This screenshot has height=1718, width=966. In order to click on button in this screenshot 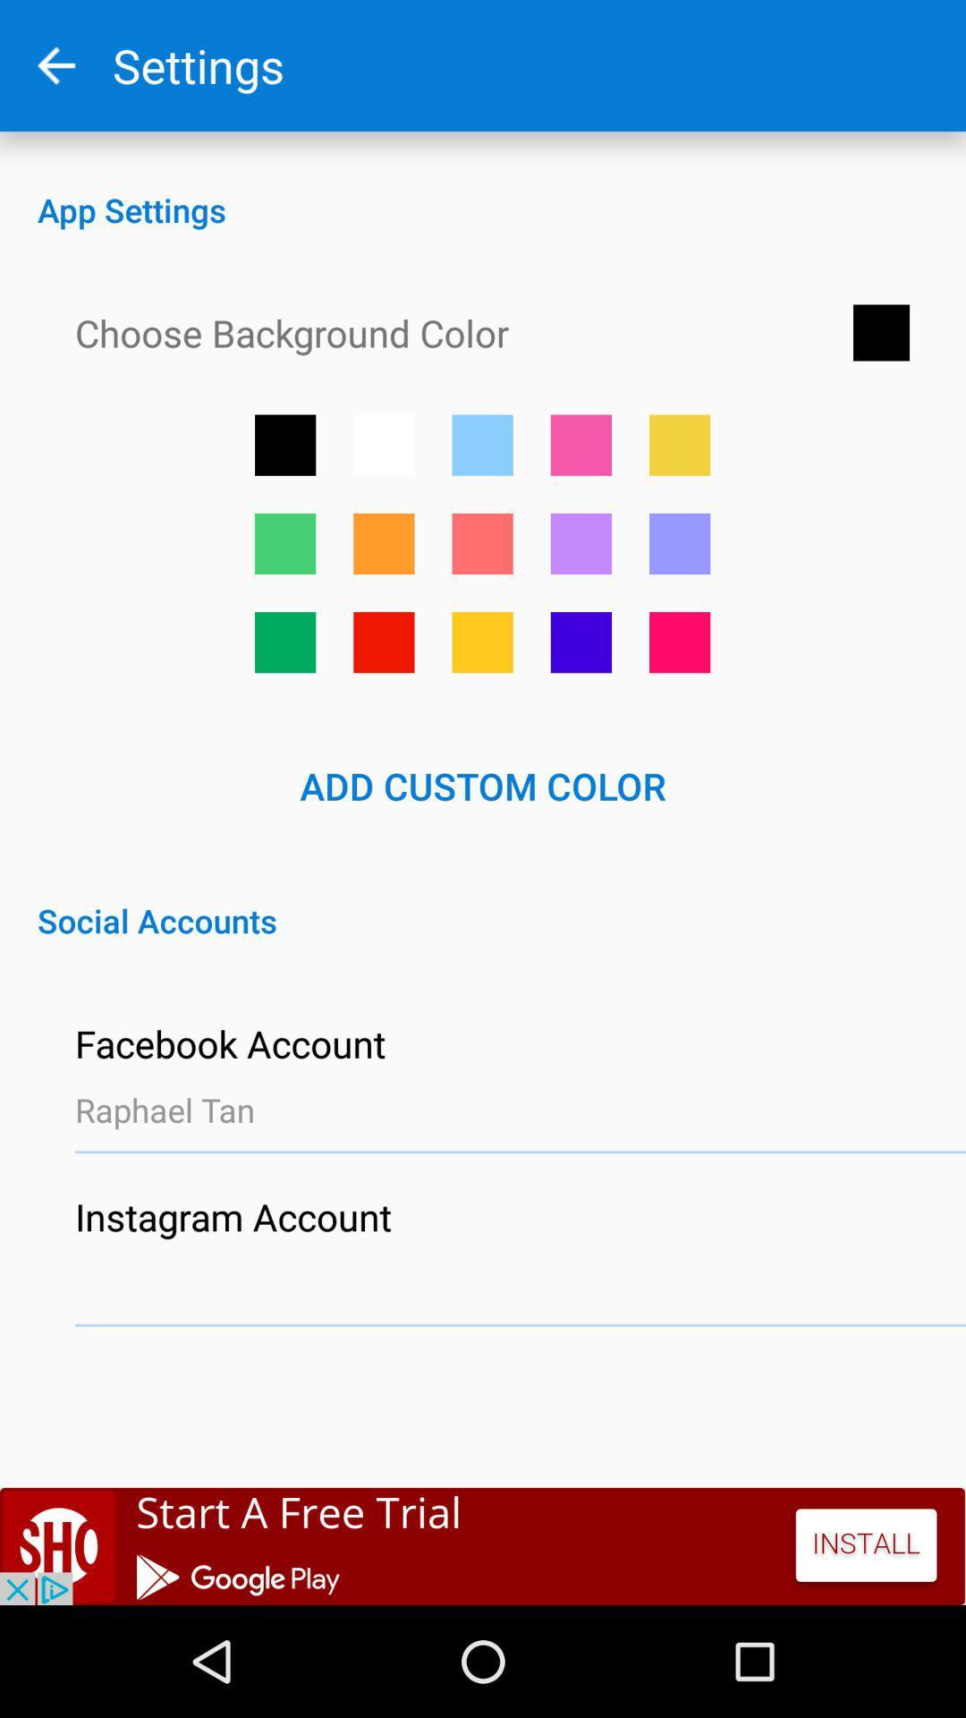, I will do `click(680, 642)`.